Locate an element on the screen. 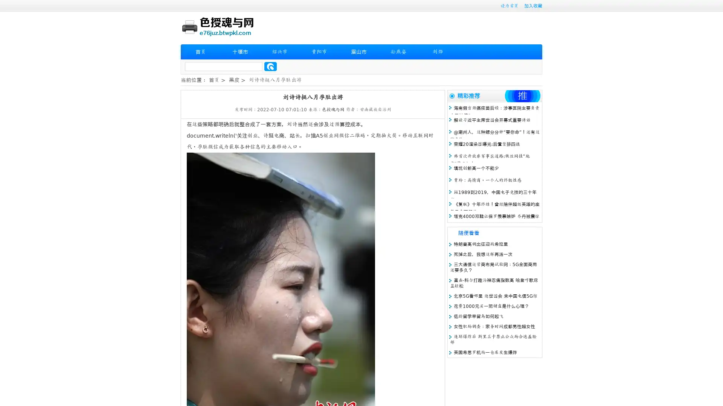 The width and height of the screenshot is (723, 406). Search is located at coordinates (270, 66).